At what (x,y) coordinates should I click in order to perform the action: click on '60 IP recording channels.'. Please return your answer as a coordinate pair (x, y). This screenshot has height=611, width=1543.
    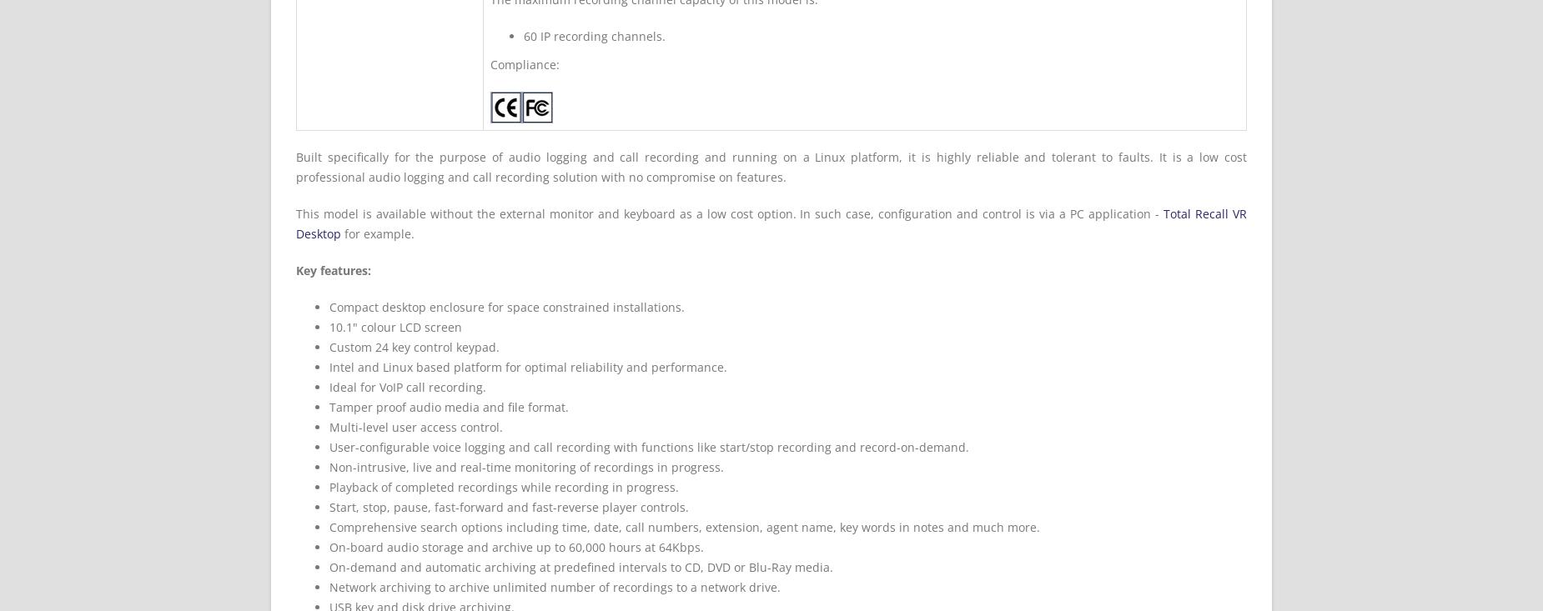
    Looking at the image, I should click on (594, 35).